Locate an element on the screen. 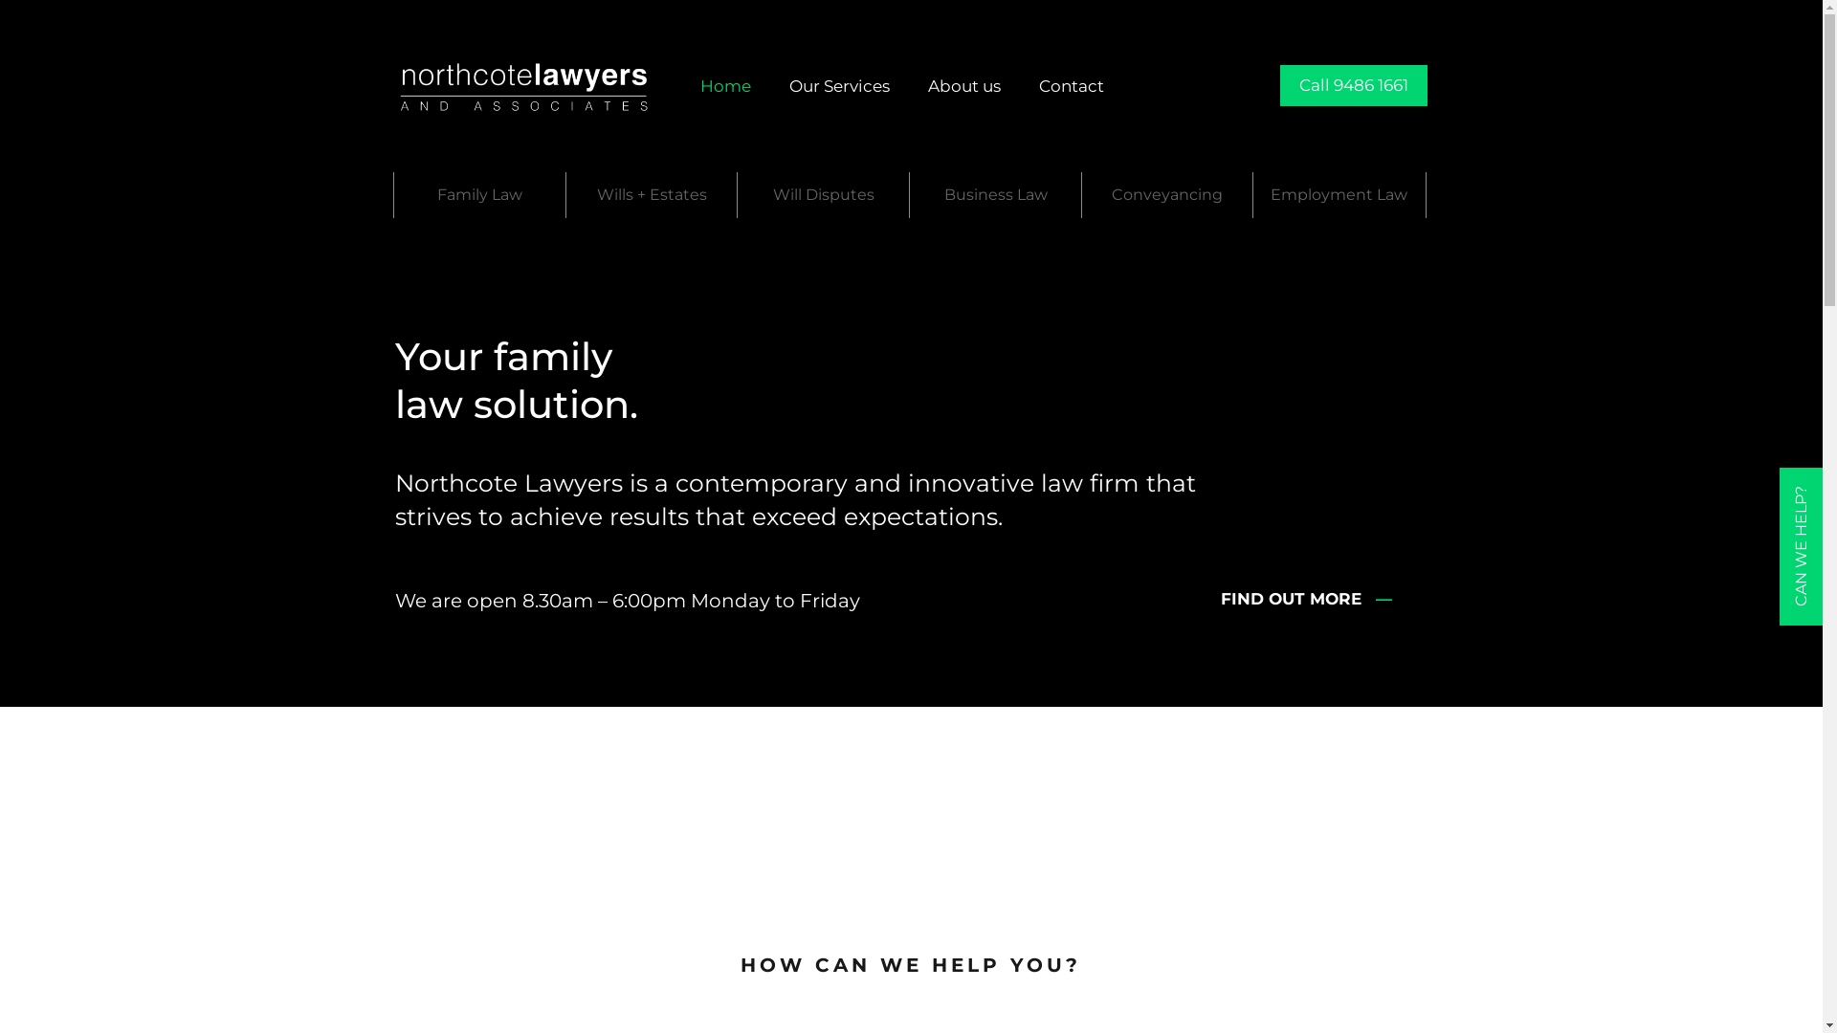 This screenshot has height=1033, width=1837. 'Northcote Lawyers' is located at coordinates (523, 84).